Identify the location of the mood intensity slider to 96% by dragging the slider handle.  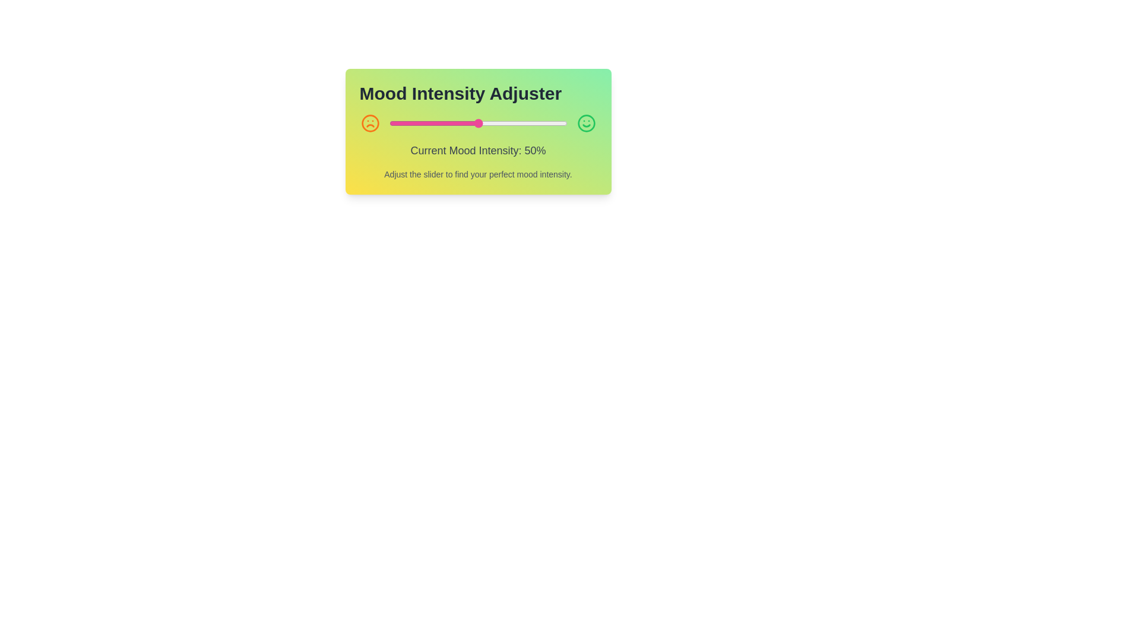
(559, 123).